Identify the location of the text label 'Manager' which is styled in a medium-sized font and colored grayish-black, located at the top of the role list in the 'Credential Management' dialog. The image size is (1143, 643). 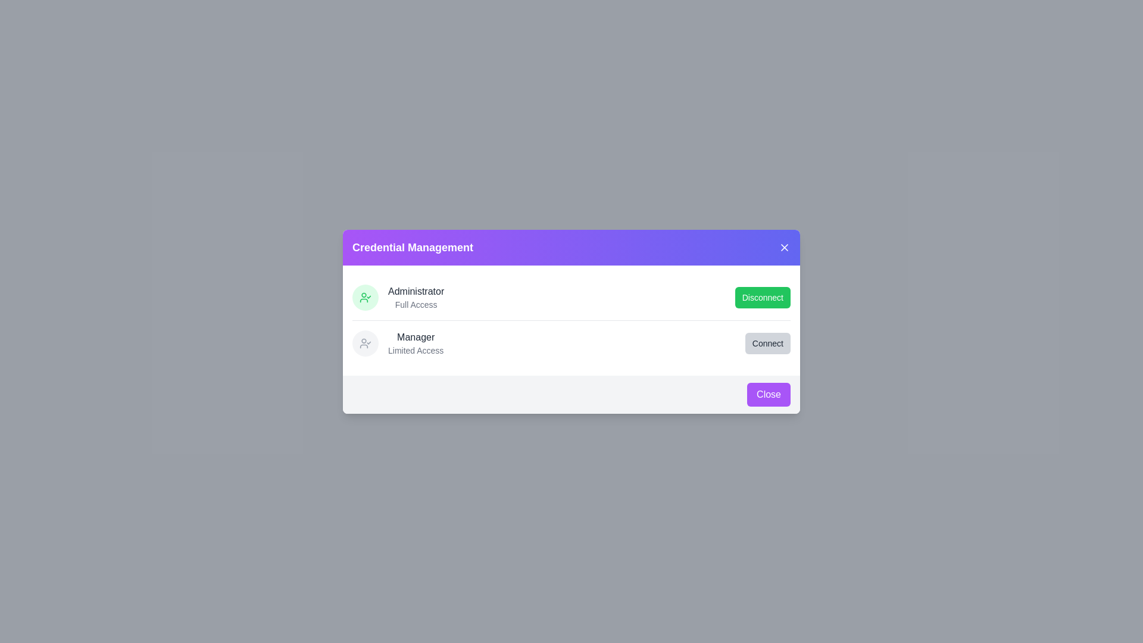
(416, 337).